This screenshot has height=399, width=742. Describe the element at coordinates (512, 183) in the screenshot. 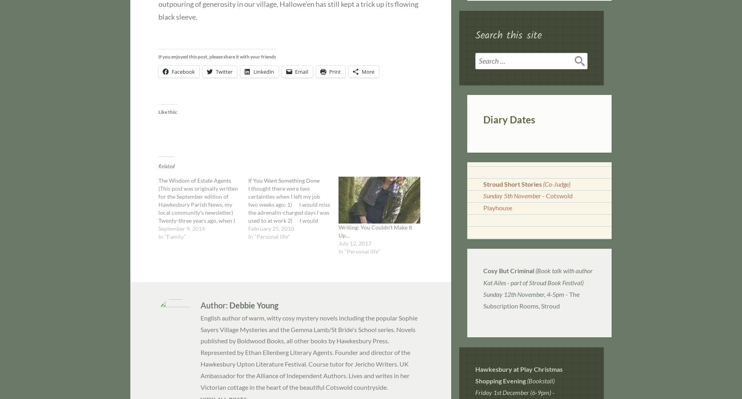

I see `'Stroud Short Stories'` at that location.